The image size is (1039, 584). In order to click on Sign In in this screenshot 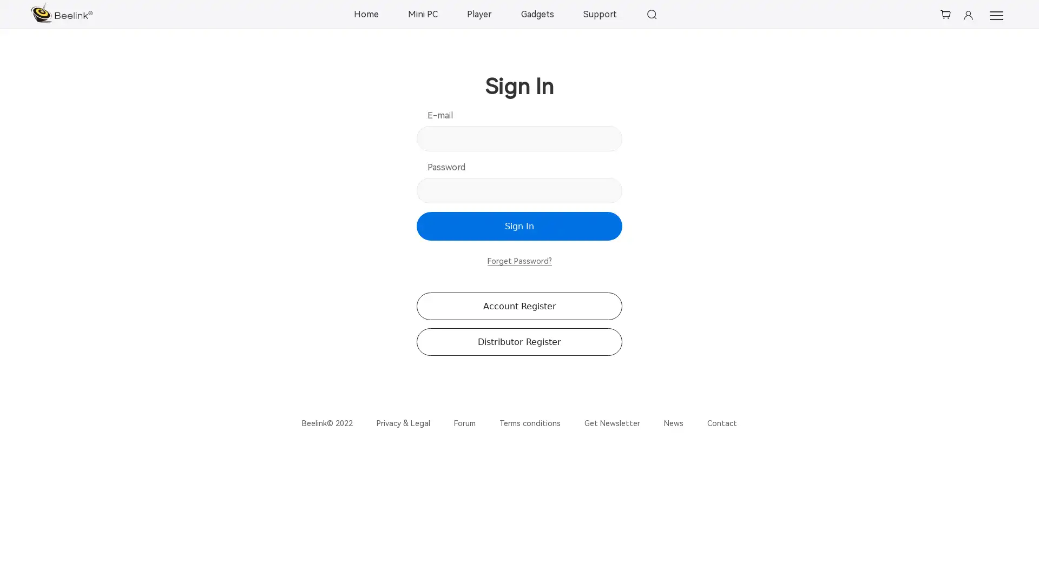, I will do `click(519, 225)`.